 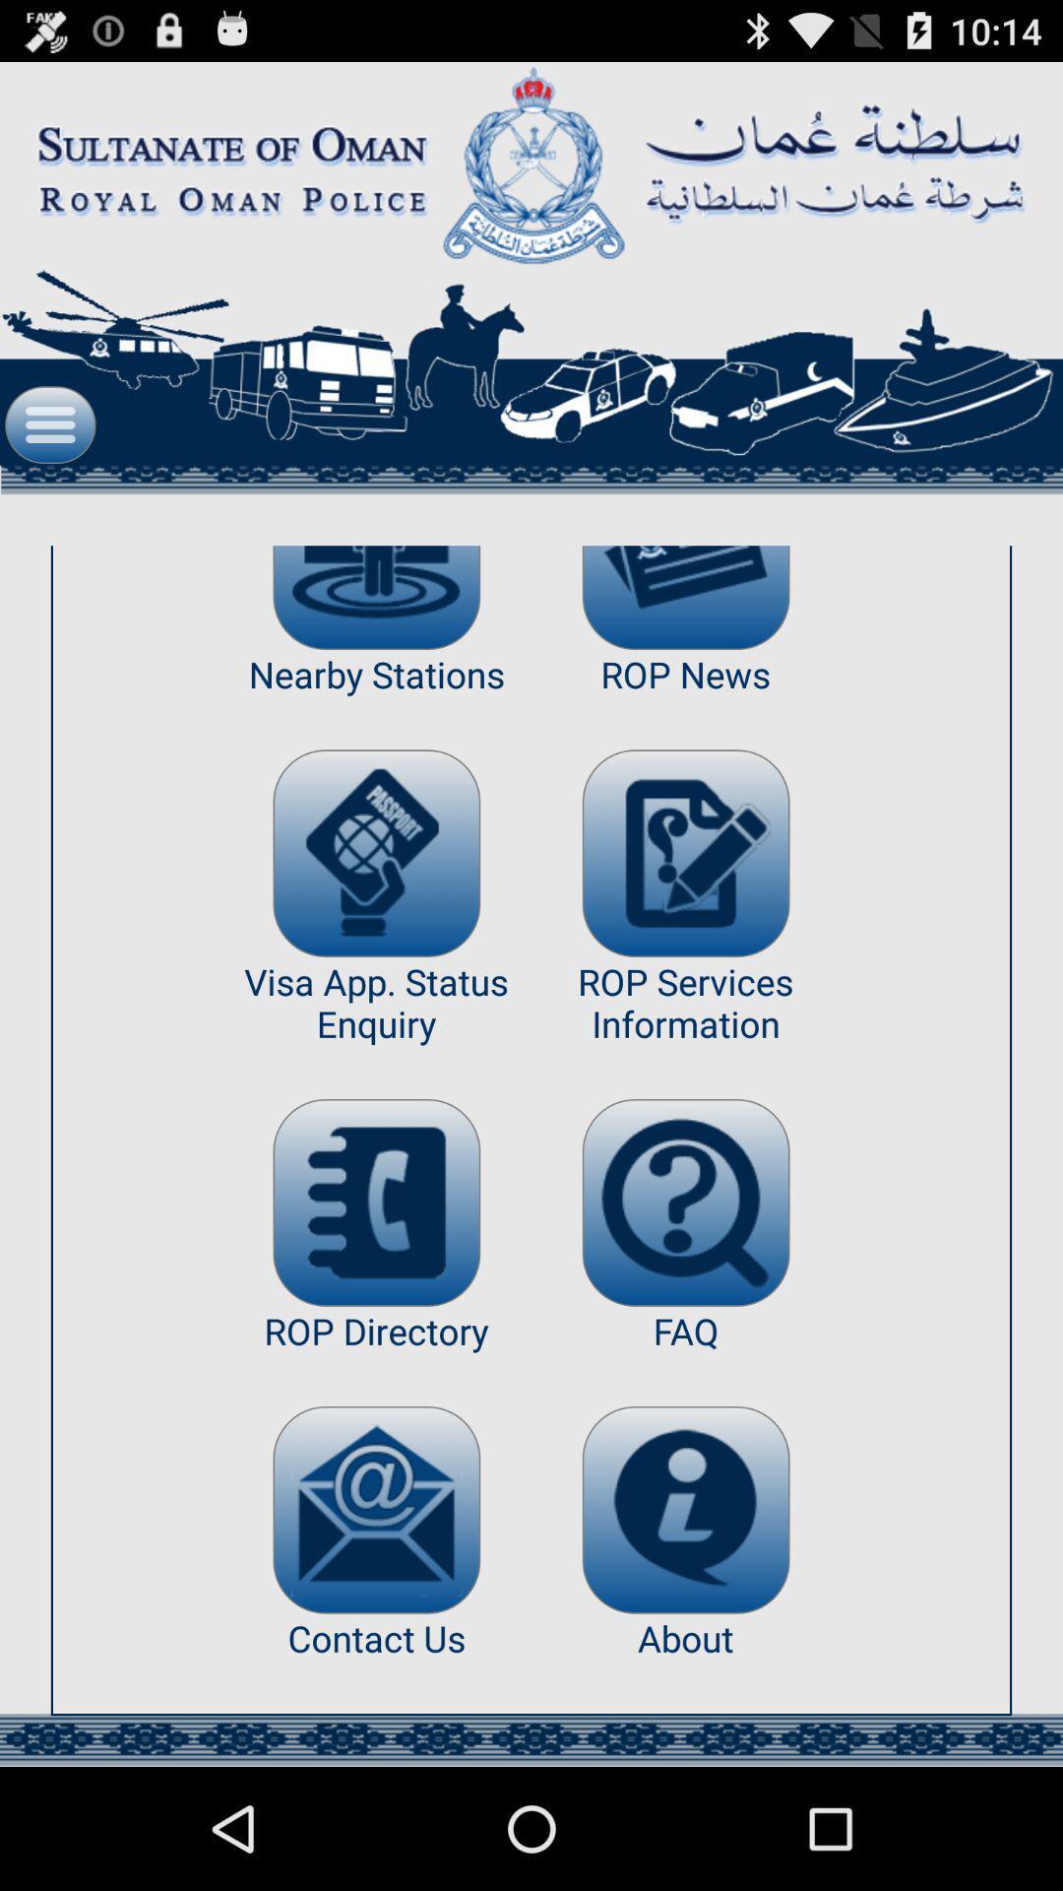 What do you see at coordinates (685, 1509) in the screenshot?
I see `the icon below faq icon` at bounding box center [685, 1509].